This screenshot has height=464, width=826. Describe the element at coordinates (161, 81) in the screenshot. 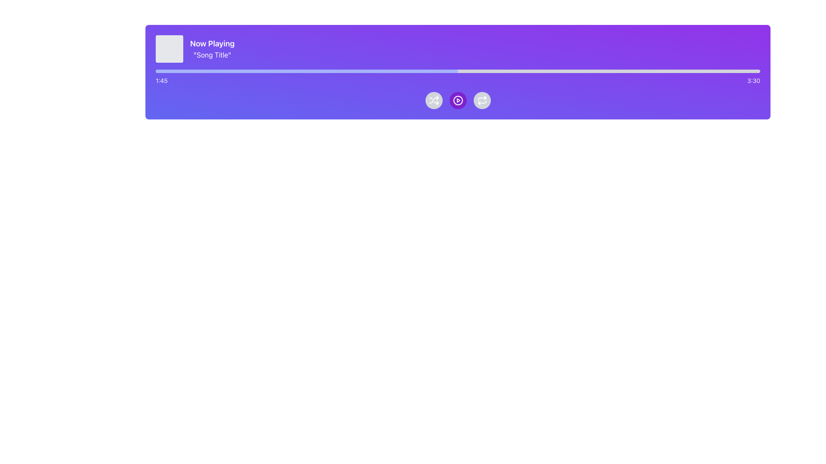

I see `displayed elapsed time text from the static text element located at the top center of the playback interface, which indicates the duration of the media file` at that location.